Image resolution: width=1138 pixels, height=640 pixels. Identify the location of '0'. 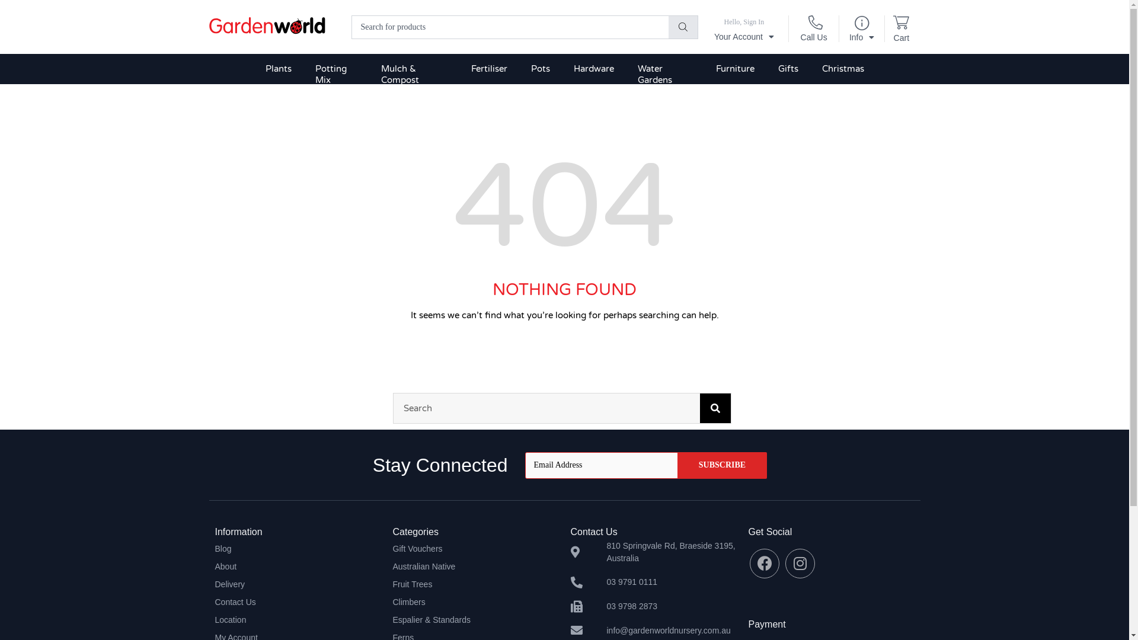
(901, 24).